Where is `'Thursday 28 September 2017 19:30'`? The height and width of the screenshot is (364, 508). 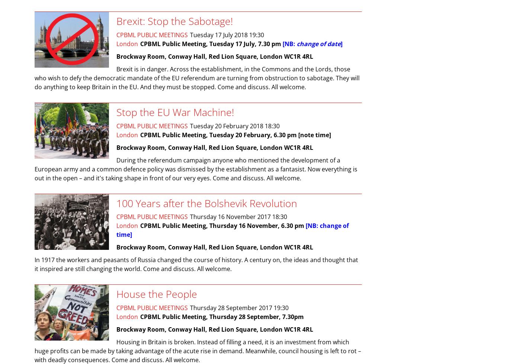
'Thursday 28 September 2017 19:30' is located at coordinates (190, 307).